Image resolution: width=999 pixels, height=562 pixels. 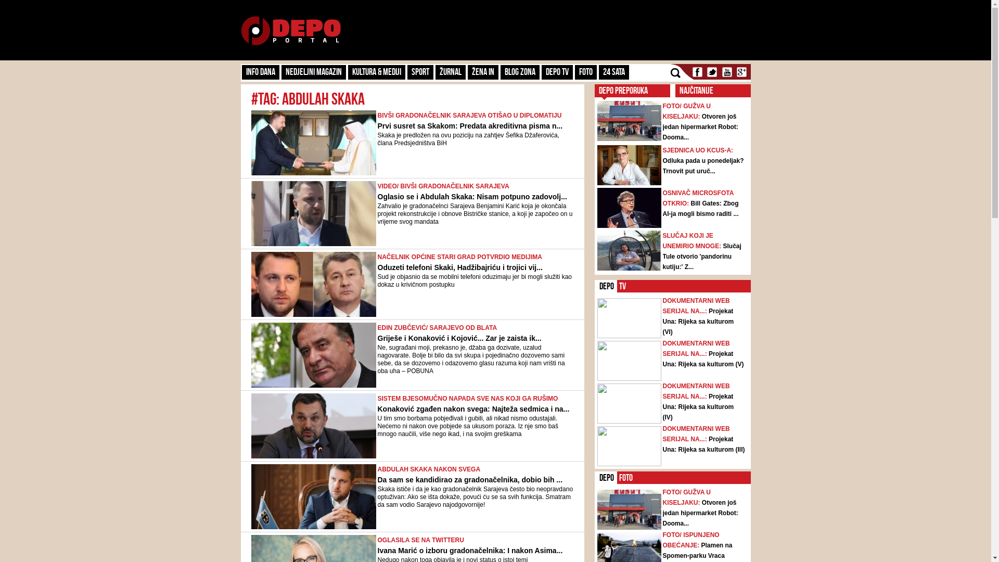 What do you see at coordinates (520, 71) in the screenshot?
I see `'Blog zona'` at bounding box center [520, 71].